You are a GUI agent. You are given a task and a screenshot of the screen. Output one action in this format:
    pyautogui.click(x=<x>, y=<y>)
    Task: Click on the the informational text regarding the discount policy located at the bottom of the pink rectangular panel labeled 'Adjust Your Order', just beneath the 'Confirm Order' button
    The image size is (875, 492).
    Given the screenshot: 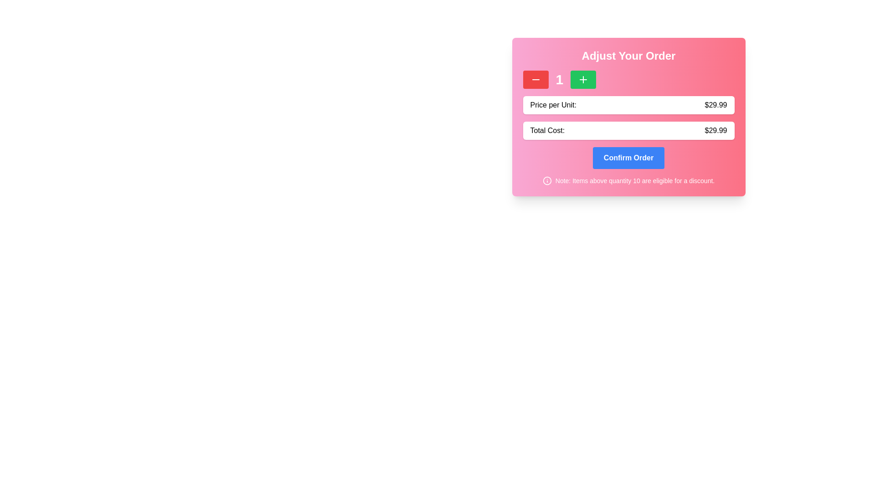 What is the action you would take?
    pyautogui.click(x=628, y=181)
    